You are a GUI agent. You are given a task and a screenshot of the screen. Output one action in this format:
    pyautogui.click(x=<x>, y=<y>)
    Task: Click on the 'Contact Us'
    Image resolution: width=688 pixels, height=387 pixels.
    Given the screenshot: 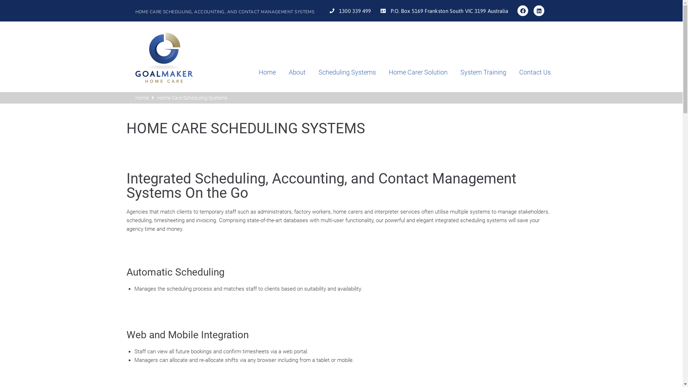 What is the action you would take?
    pyautogui.click(x=528, y=72)
    